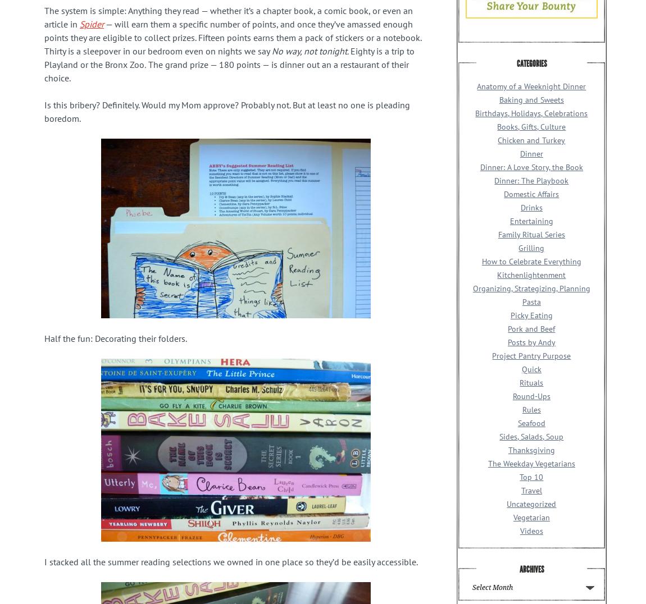  What do you see at coordinates (531, 140) in the screenshot?
I see `'Chicken and Turkey'` at bounding box center [531, 140].